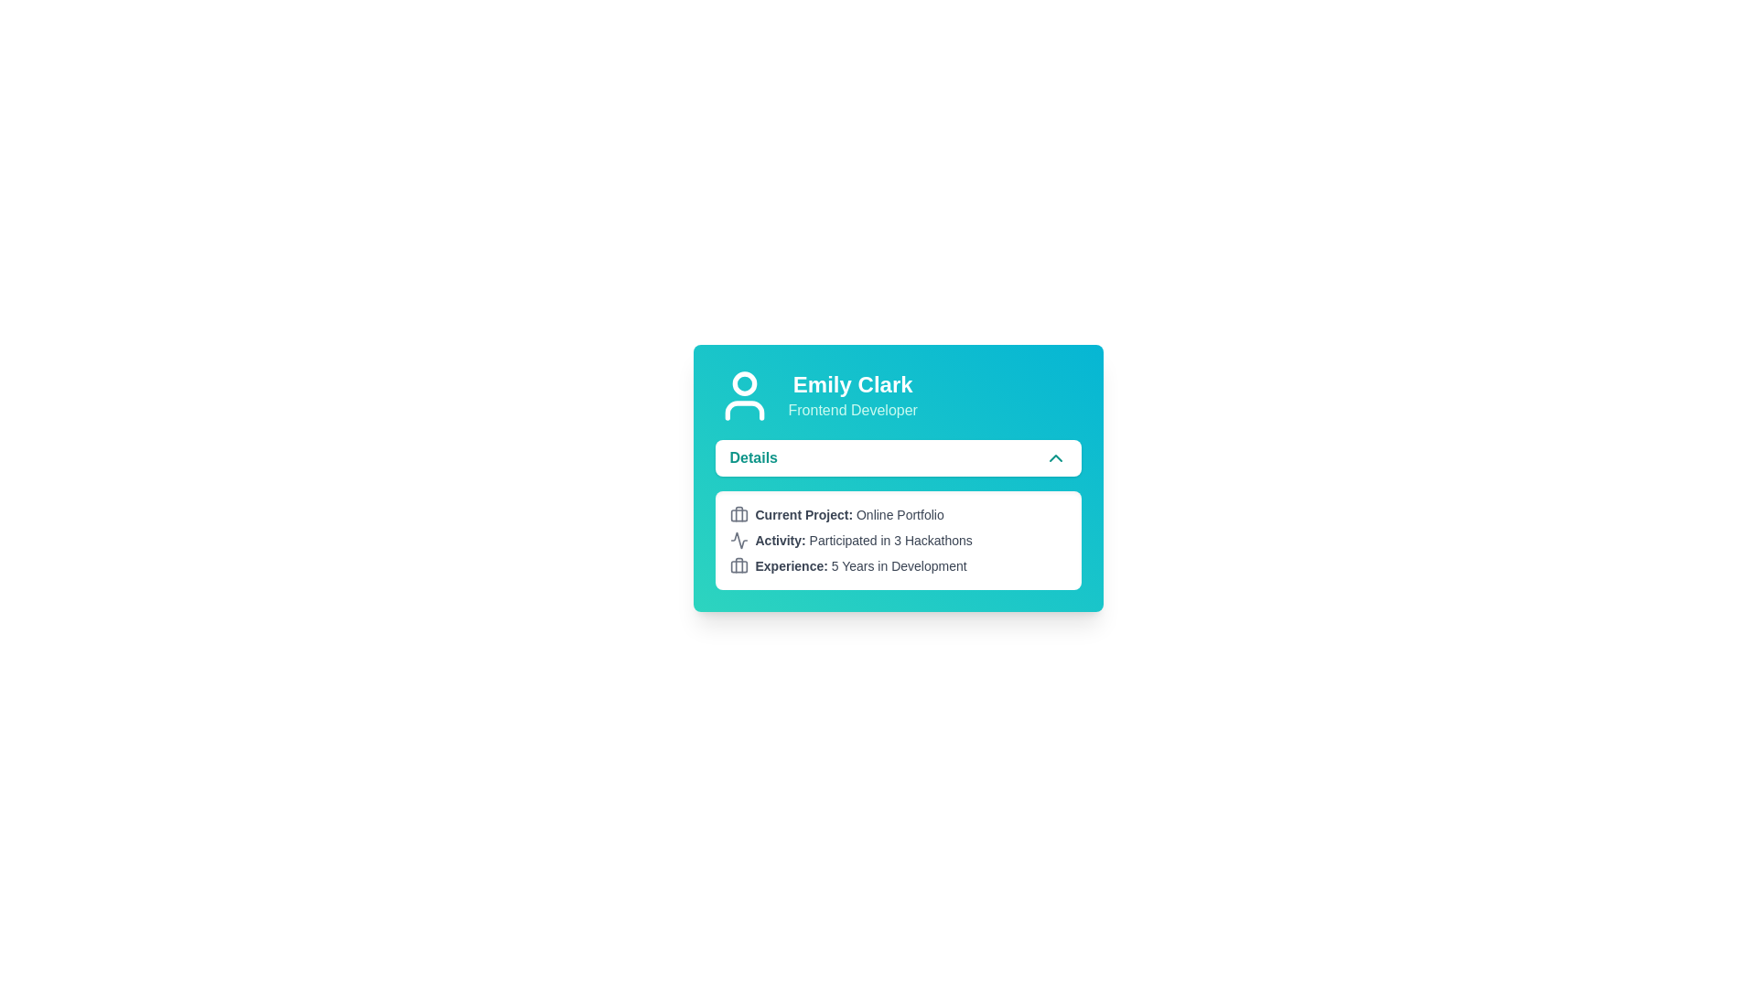 The height and width of the screenshot is (988, 1757). I want to click on the text display element showing 'Emily Clark' in bold, large white font on a turquoise background, which is located in the upper left side of the card component, so click(852, 383).